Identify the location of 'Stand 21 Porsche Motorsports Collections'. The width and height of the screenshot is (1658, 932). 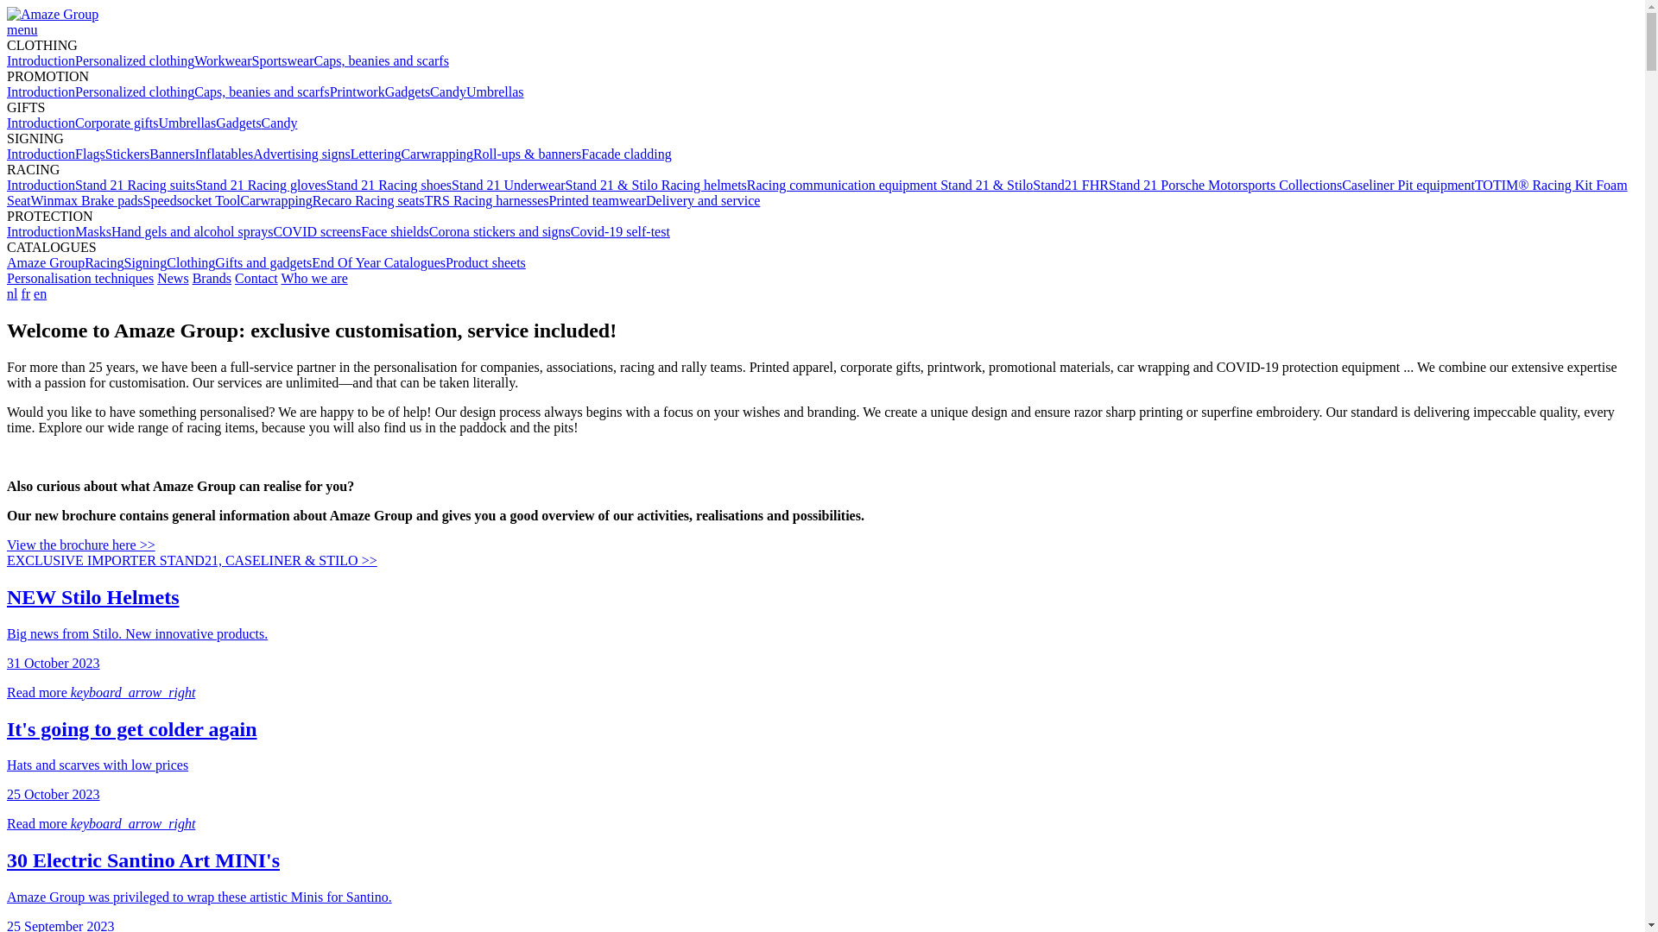
(1225, 185).